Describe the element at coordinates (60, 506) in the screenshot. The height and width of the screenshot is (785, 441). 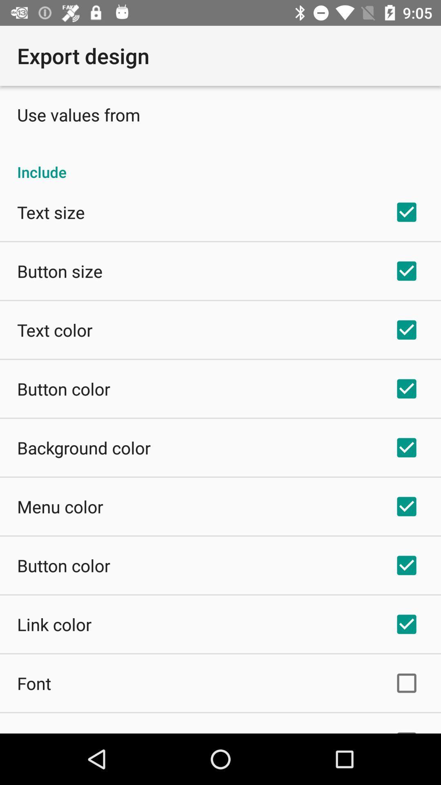
I see `app below the background color app` at that location.